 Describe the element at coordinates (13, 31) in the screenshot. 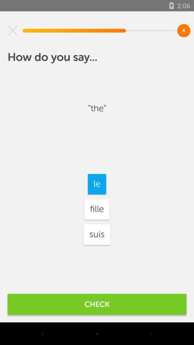

I see `the icon above how do you icon` at that location.